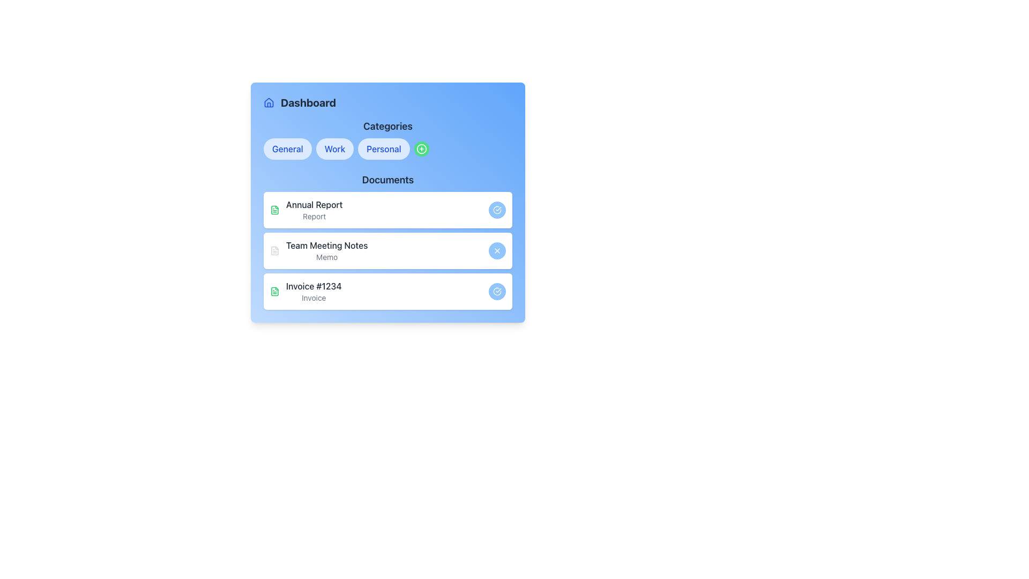 Image resolution: width=1029 pixels, height=579 pixels. I want to click on text label containing 'Invoice #1234' and 'Invoice' in the third document entry of the 'Documents' section, located below 'Team Meeting Notes', so click(313, 291).